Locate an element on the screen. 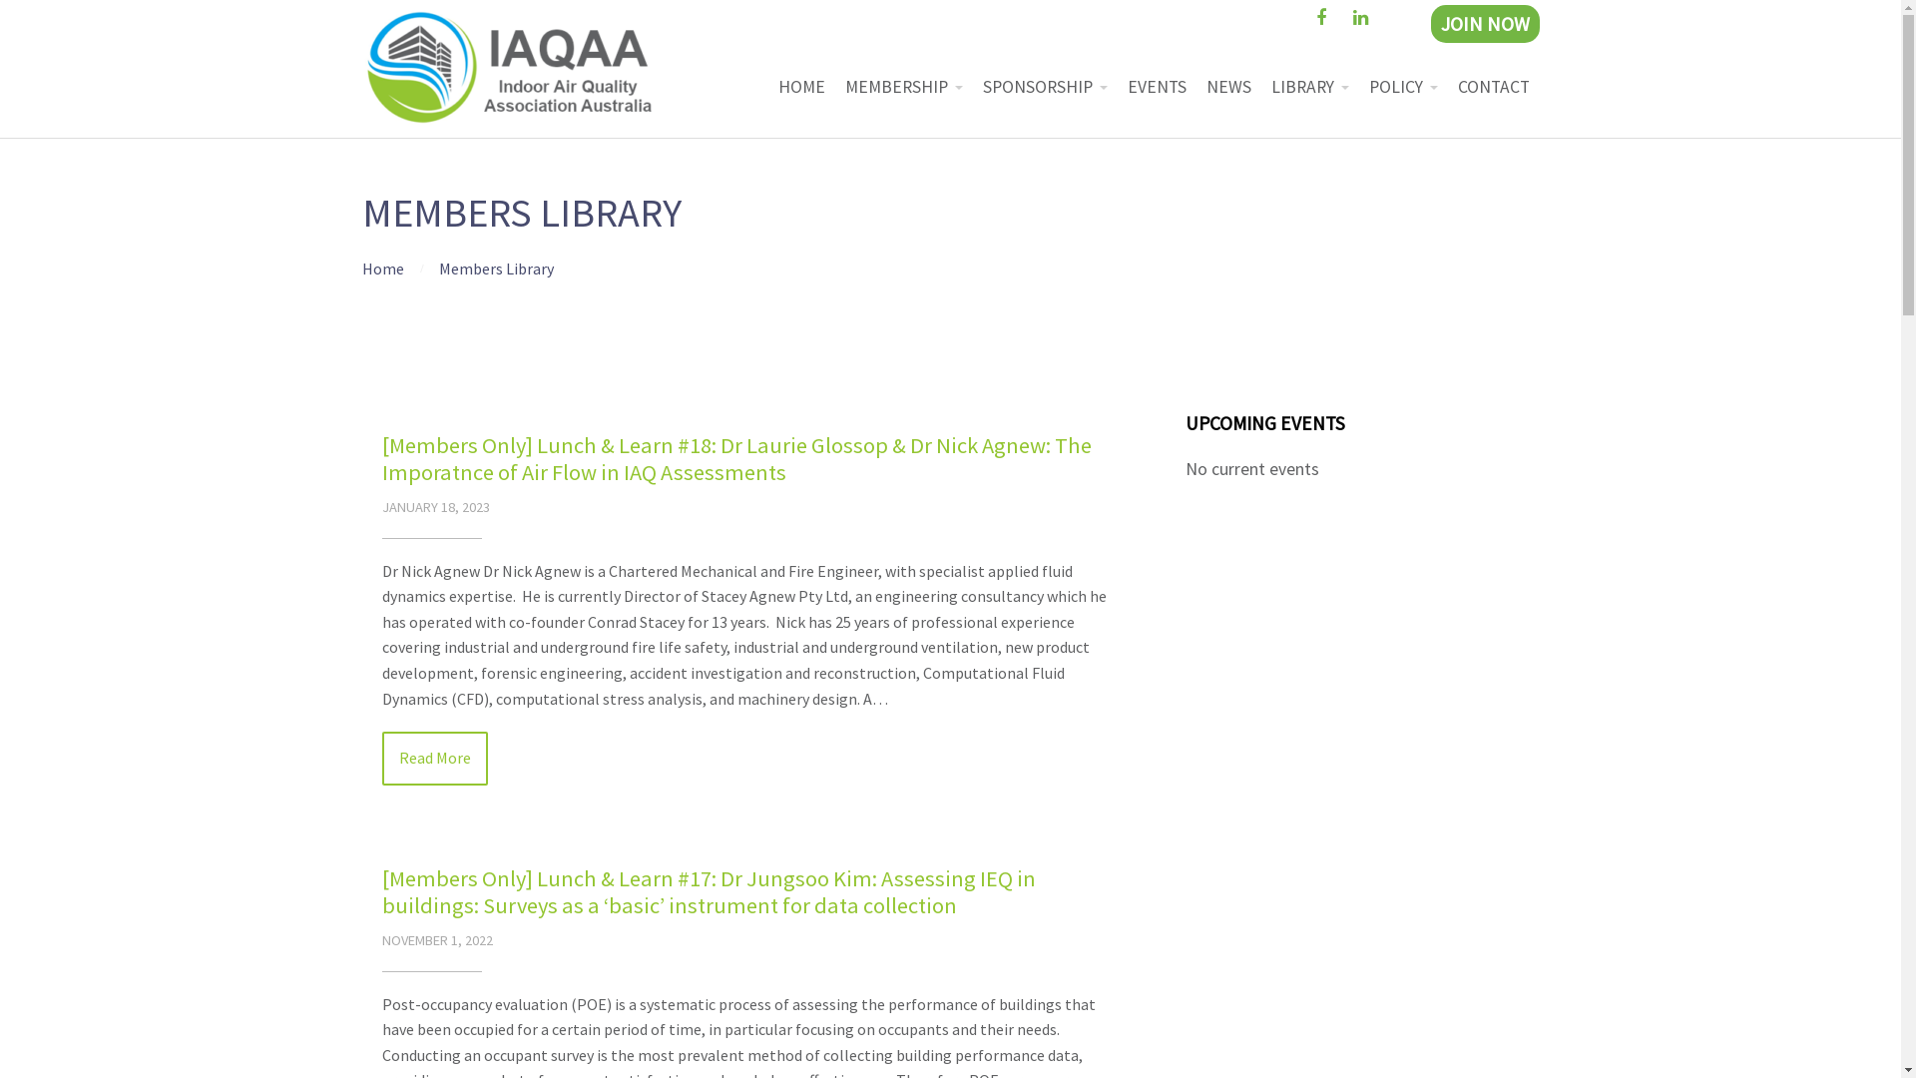 The width and height of the screenshot is (1916, 1078). 'POLICY' is located at coordinates (1402, 86).